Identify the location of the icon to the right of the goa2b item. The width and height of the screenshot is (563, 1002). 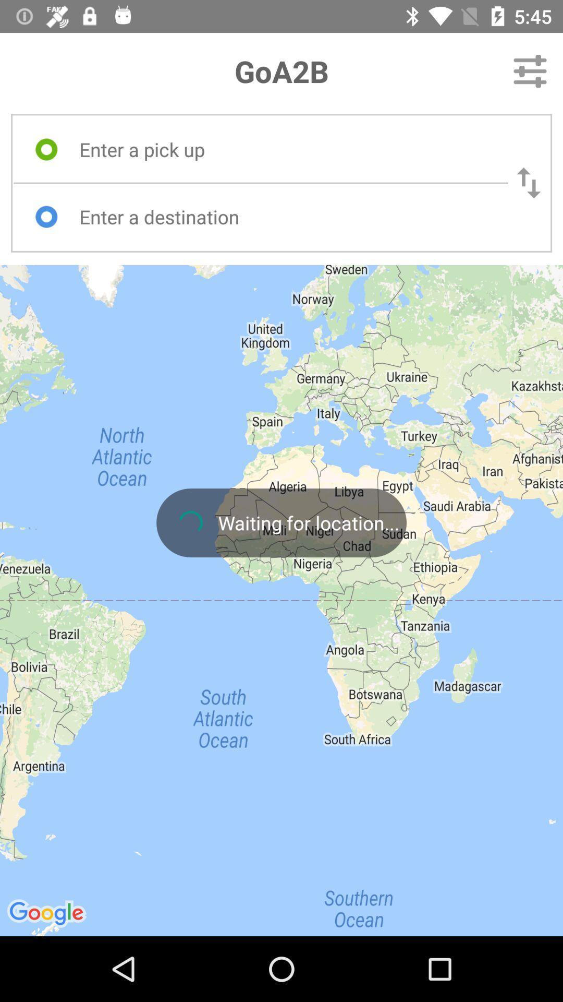
(530, 70).